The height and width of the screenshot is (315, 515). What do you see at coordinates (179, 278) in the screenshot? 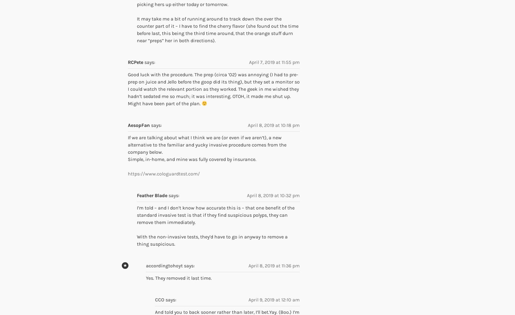
I see `'Yes. They removed it last time.'` at bounding box center [179, 278].